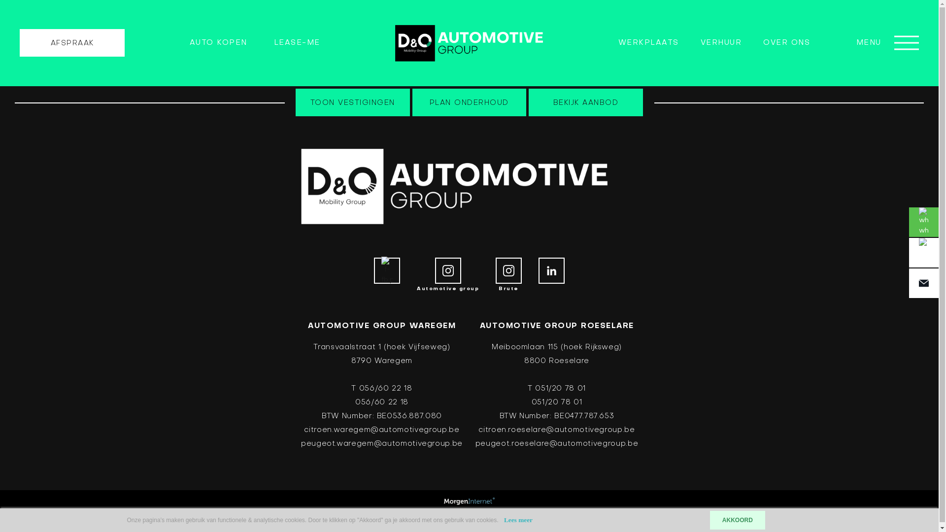 Image resolution: width=946 pixels, height=532 pixels. I want to click on 'LEASE-ME', so click(297, 42).